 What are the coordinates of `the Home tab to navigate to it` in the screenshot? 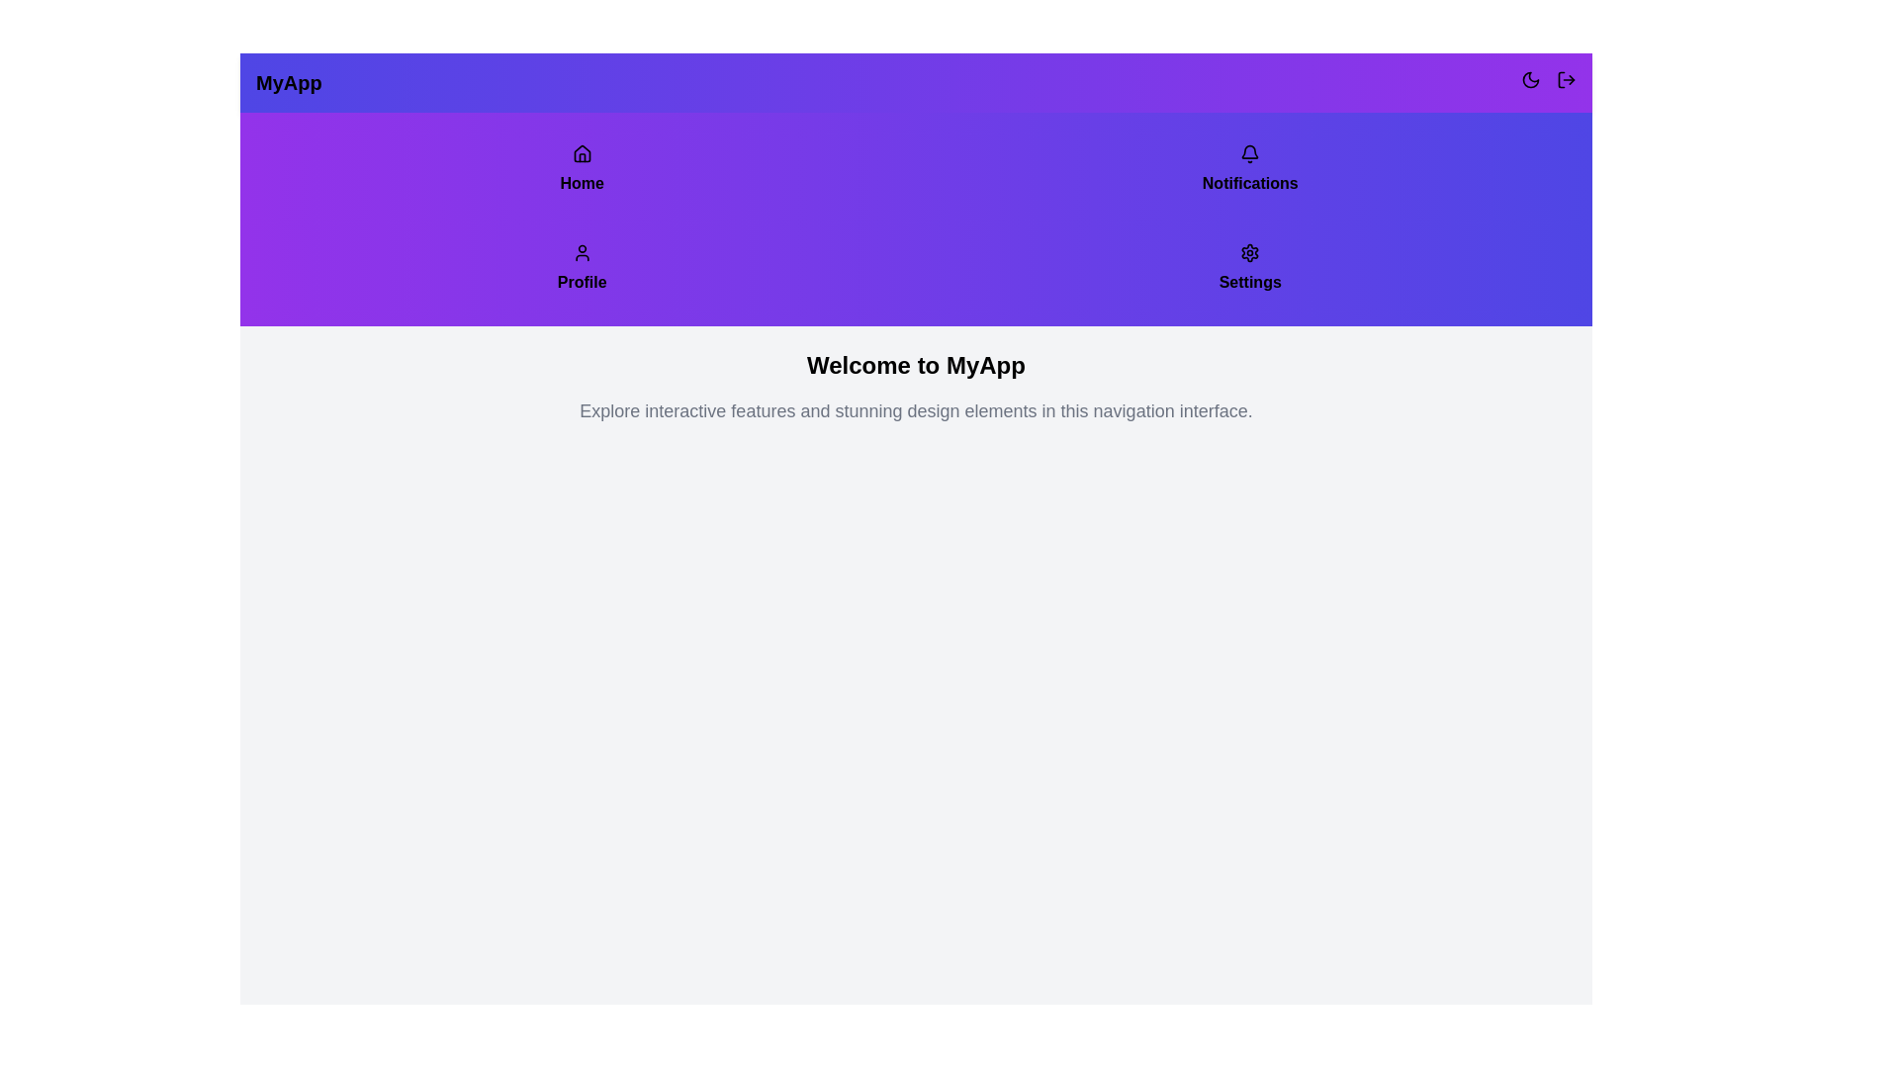 It's located at (581, 169).